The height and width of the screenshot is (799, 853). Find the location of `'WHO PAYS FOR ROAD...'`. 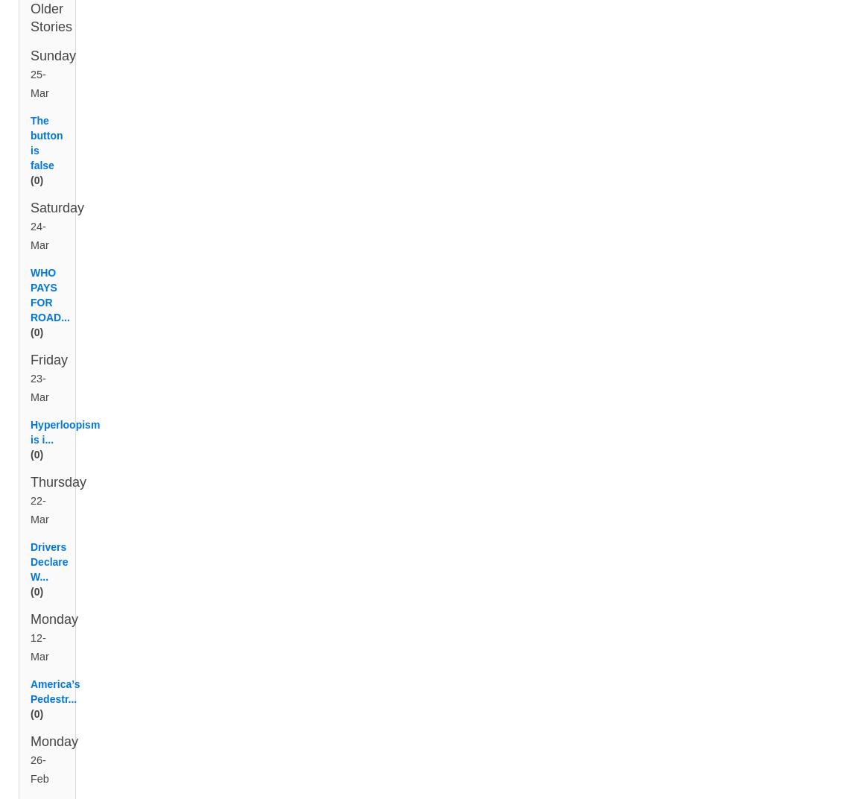

'WHO PAYS FOR ROAD...' is located at coordinates (49, 312).